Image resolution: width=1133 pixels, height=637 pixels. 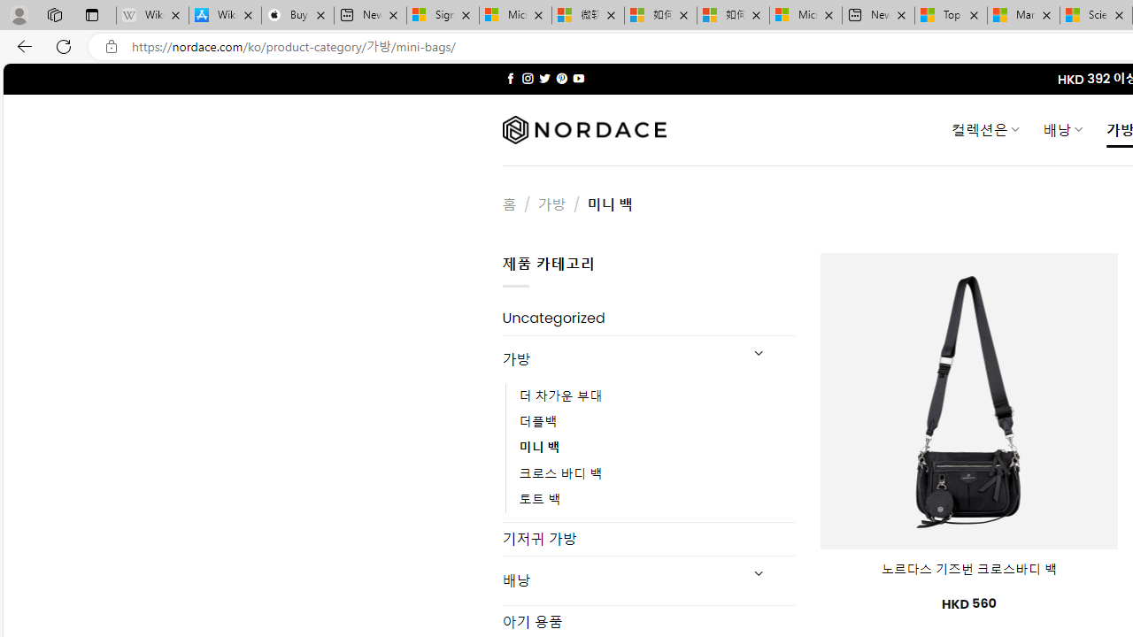 I want to click on 'Nordace', so click(x=583, y=129).